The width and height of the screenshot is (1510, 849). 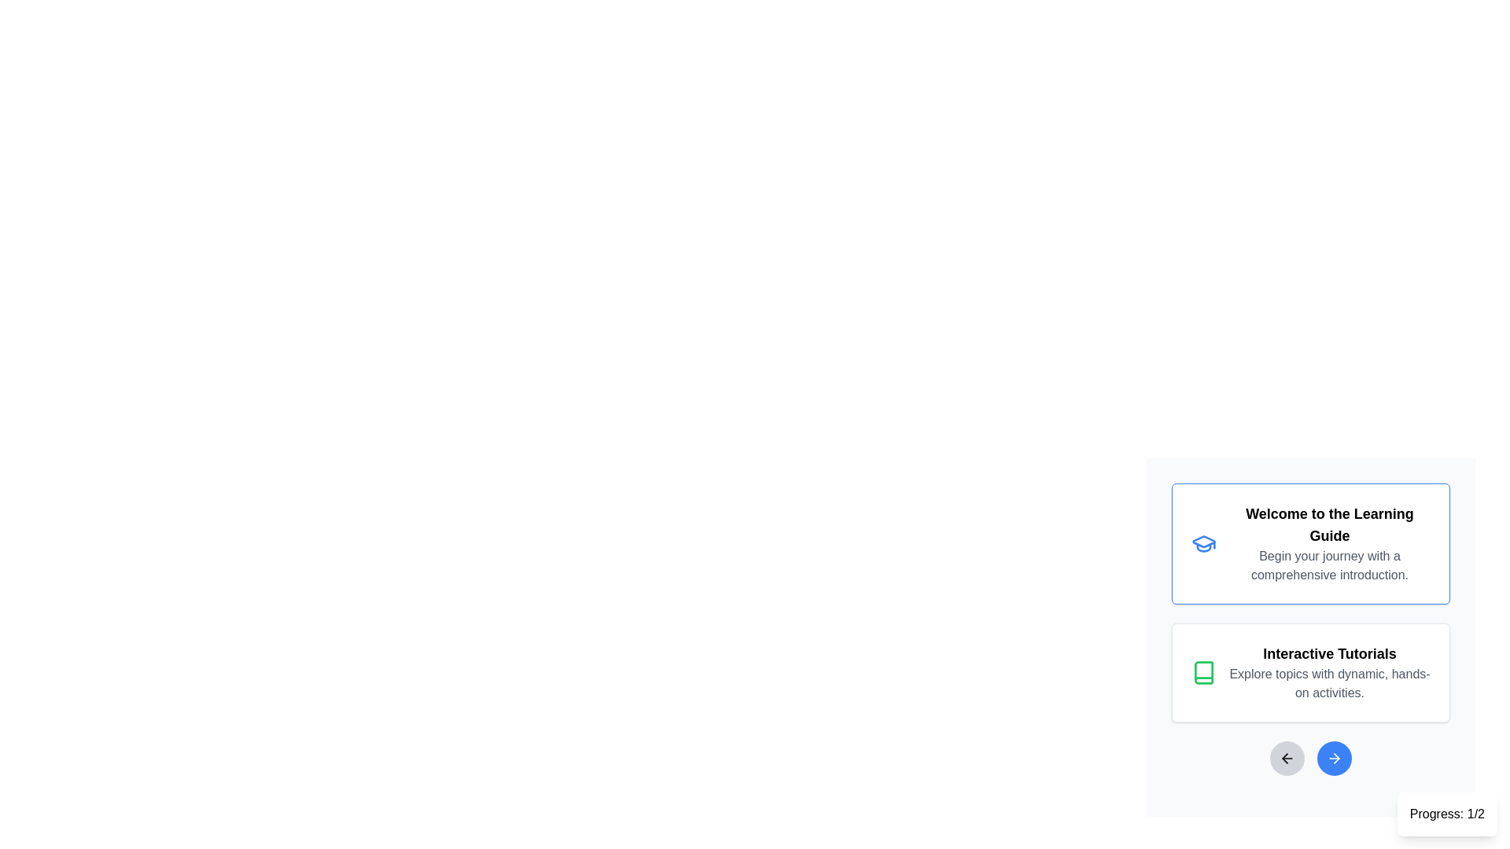 What do you see at coordinates (1203, 672) in the screenshot?
I see `the icon located within the 'Interactive Tutorials' card` at bounding box center [1203, 672].